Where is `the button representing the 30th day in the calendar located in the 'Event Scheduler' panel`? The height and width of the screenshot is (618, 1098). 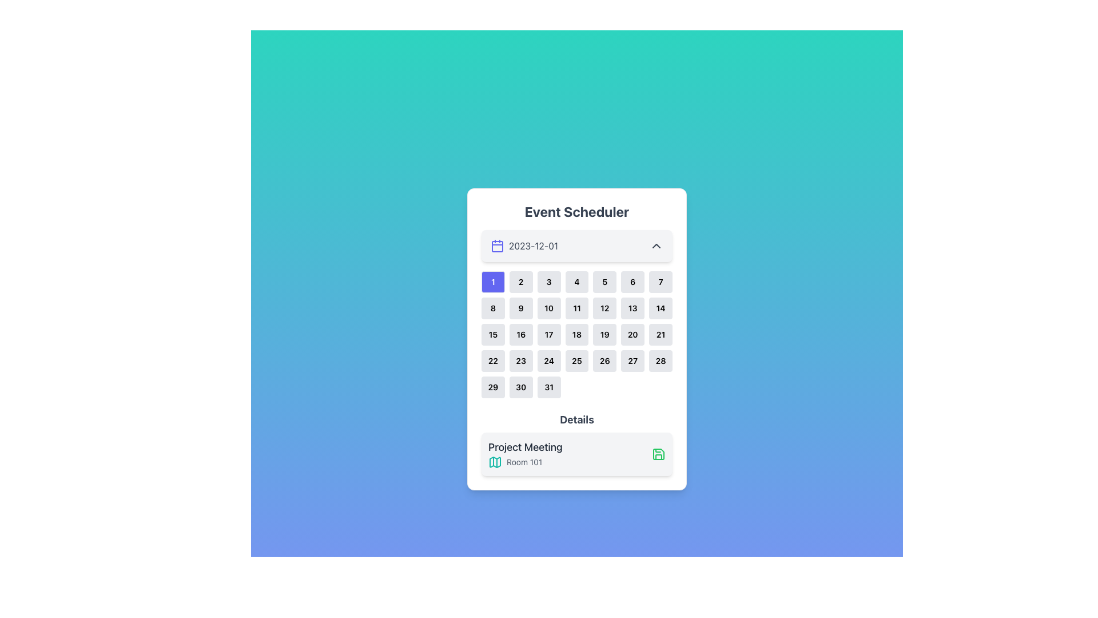 the button representing the 30th day in the calendar located in the 'Event Scheduler' panel is located at coordinates (520, 387).